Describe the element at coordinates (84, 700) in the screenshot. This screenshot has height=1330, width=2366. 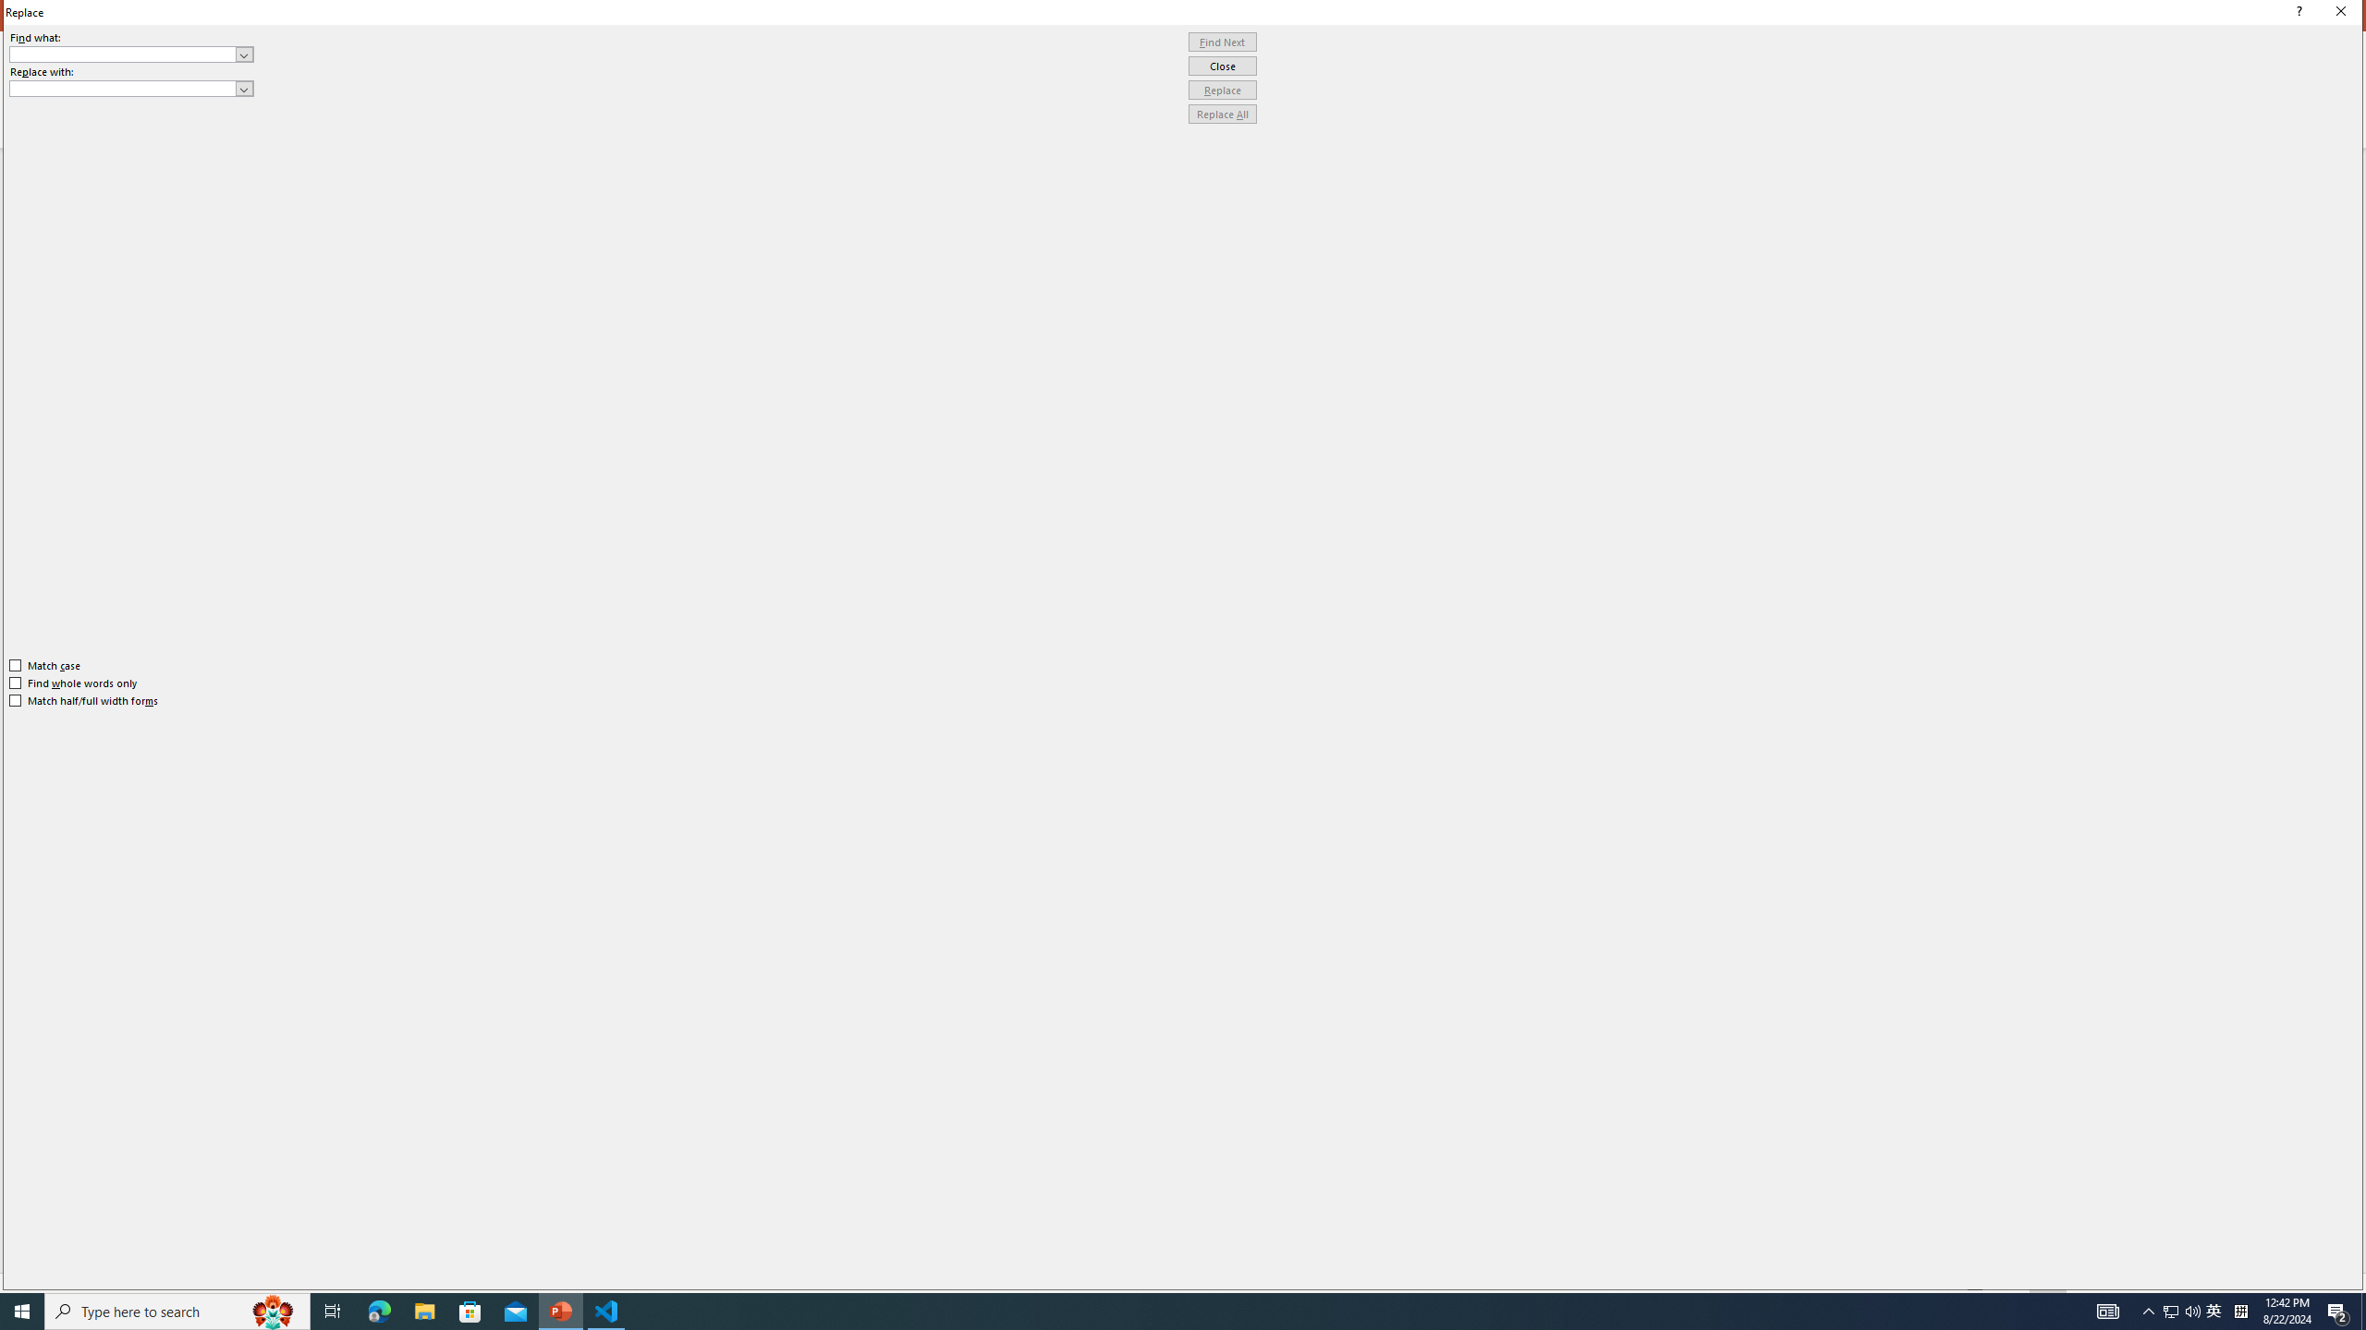
I see `'Match half/full width forms'` at that location.